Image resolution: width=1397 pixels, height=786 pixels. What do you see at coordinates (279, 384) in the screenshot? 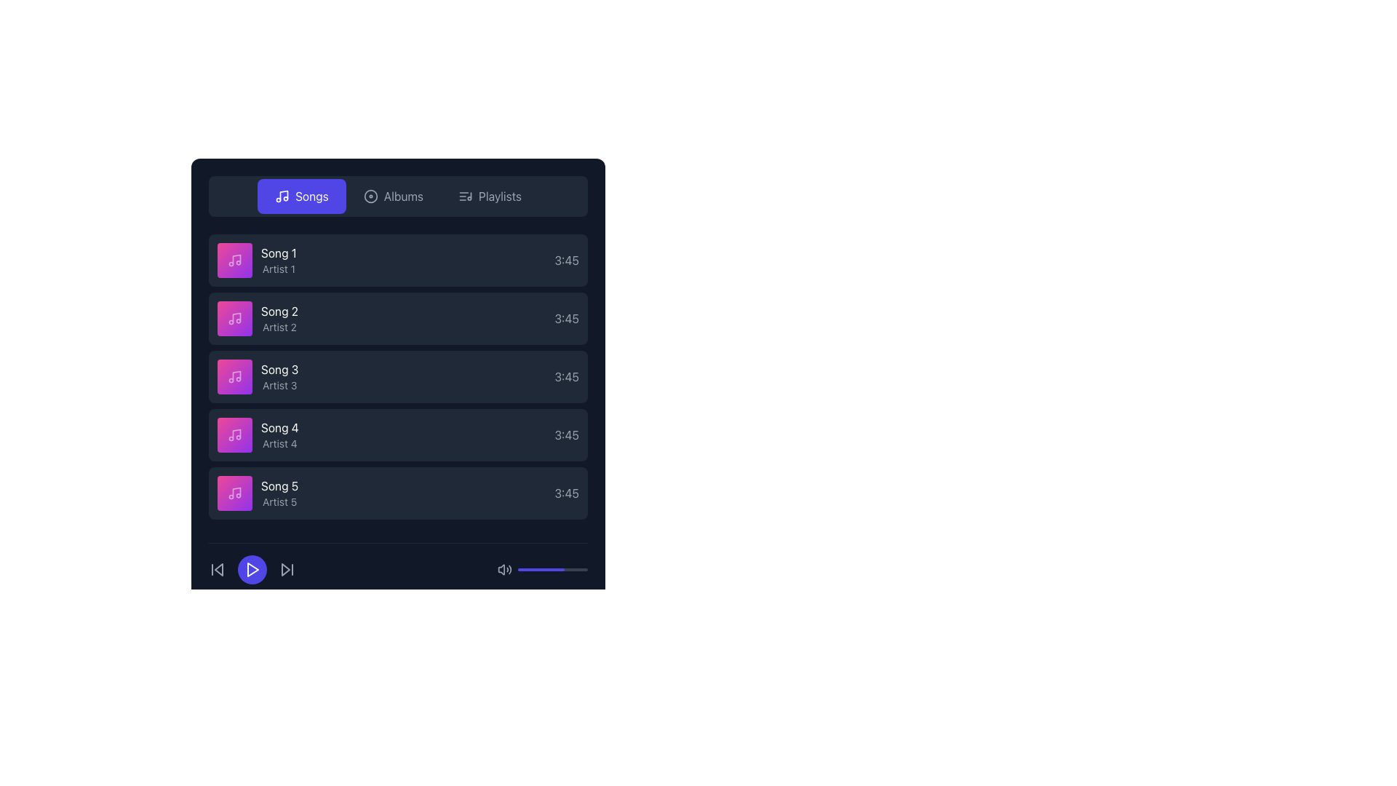
I see `the static text label displaying 'Artist 3', which is located in the third row of a list, beneath the text 'Song 3'` at bounding box center [279, 384].